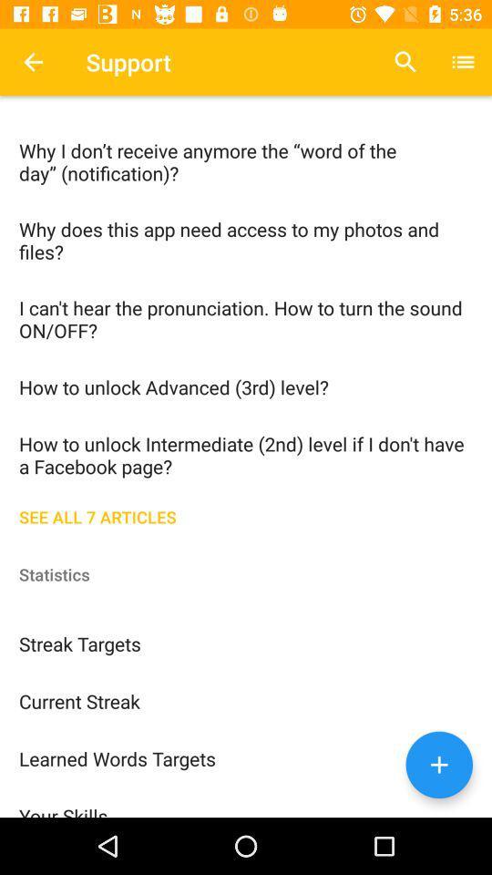  I want to click on item below the how to unlock item, so click(246, 515).